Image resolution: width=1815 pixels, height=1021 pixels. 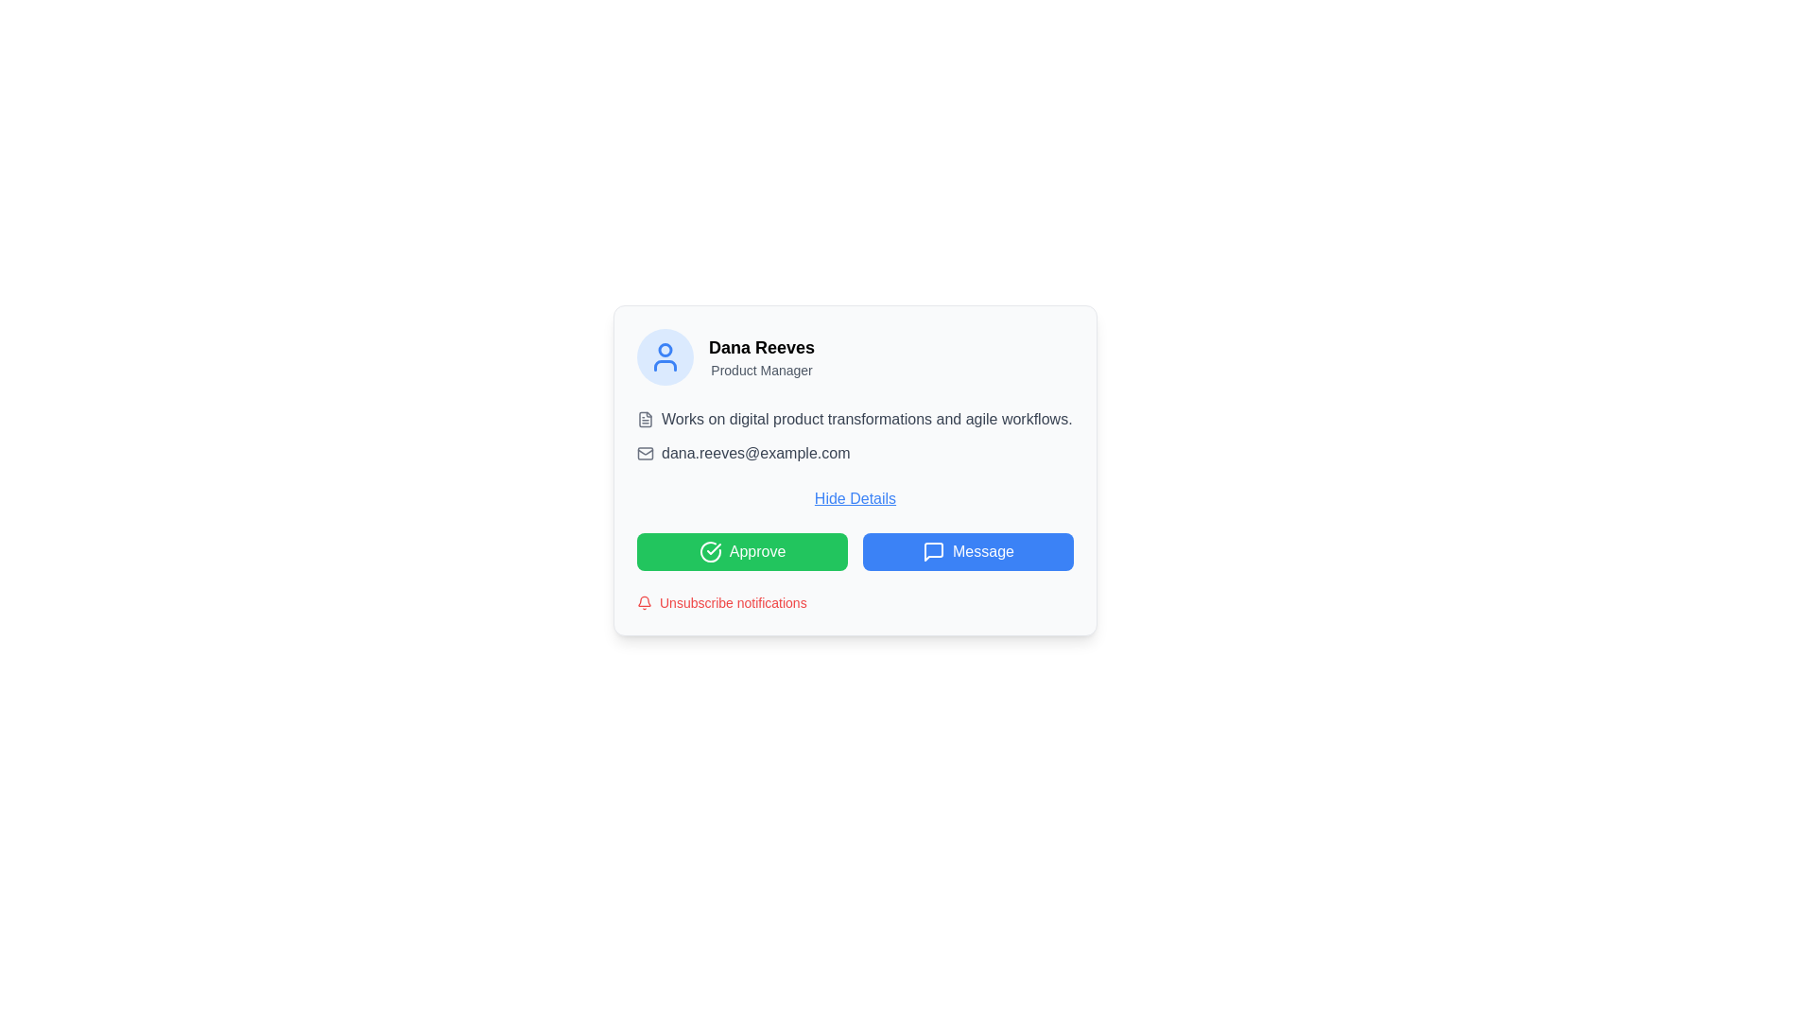 I want to click on rectangle element that serves as the base for the envelope icon located to the left of the email address 'dana.reeves@example.com', so click(x=645, y=453).